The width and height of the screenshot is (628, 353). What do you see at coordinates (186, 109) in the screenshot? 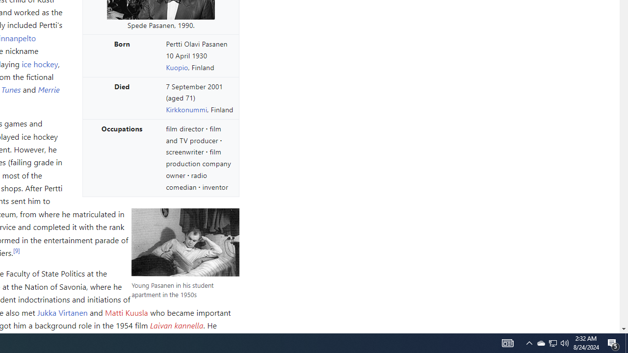
I see `'Kirkkonummi'` at bounding box center [186, 109].